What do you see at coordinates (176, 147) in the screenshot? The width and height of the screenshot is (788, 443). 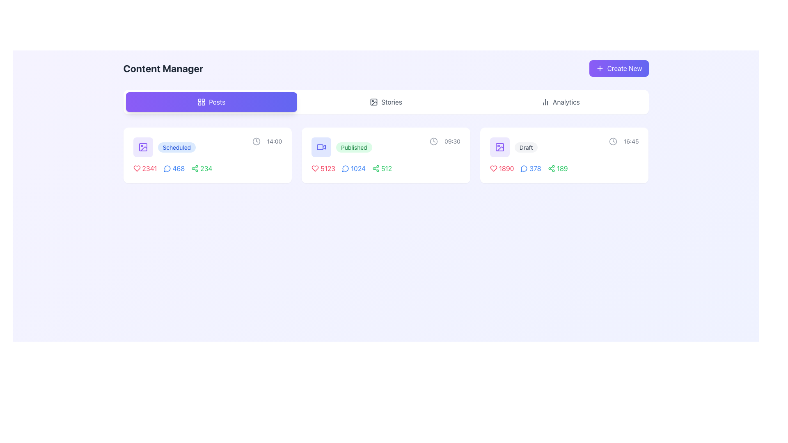 I see `the status indicator badge located in the first card under the 'Posts' tab, which serves as a display for the content item's scheduled state` at bounding box center [176, 147].